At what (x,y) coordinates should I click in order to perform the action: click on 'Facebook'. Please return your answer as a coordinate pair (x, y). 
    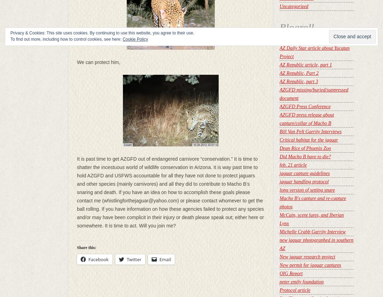
    Looking at the image, I should click on (98, 259).